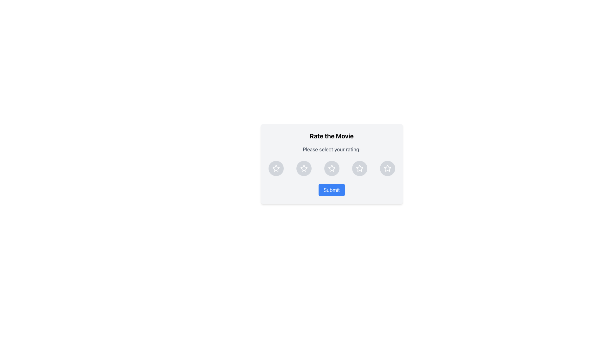  I want to click on the interactive star-shaped icon in the third slot of the five-star rating widget, so click(303, 168).